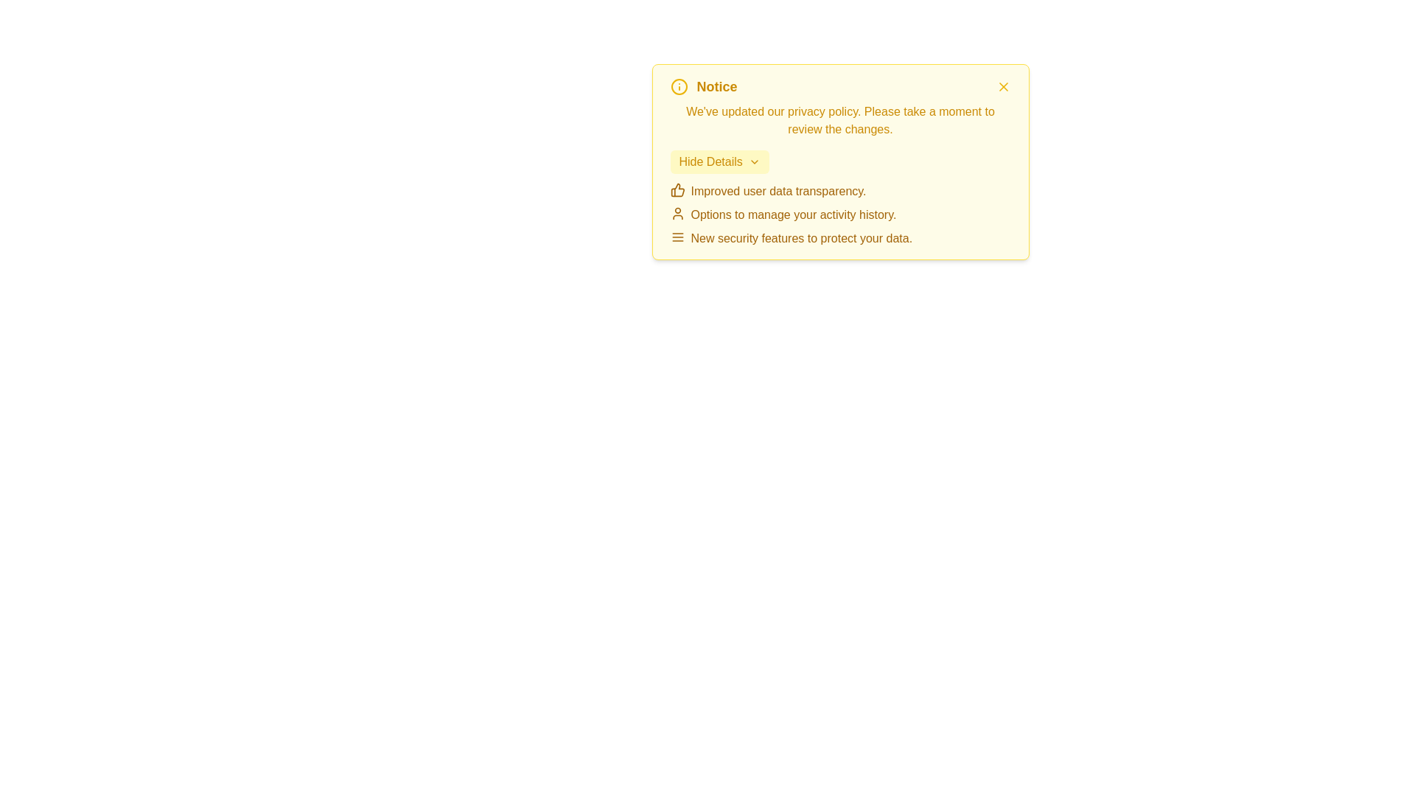 Image resolution: width=1415 pixels, height=796 pixels. Describe the element at coordinates (719, 161) in the screenshot. I see `the 'Hide Details' button, which is a rounded rectangular button with yellow background and bold yellow text, located below the privacy policy update message` at that location.